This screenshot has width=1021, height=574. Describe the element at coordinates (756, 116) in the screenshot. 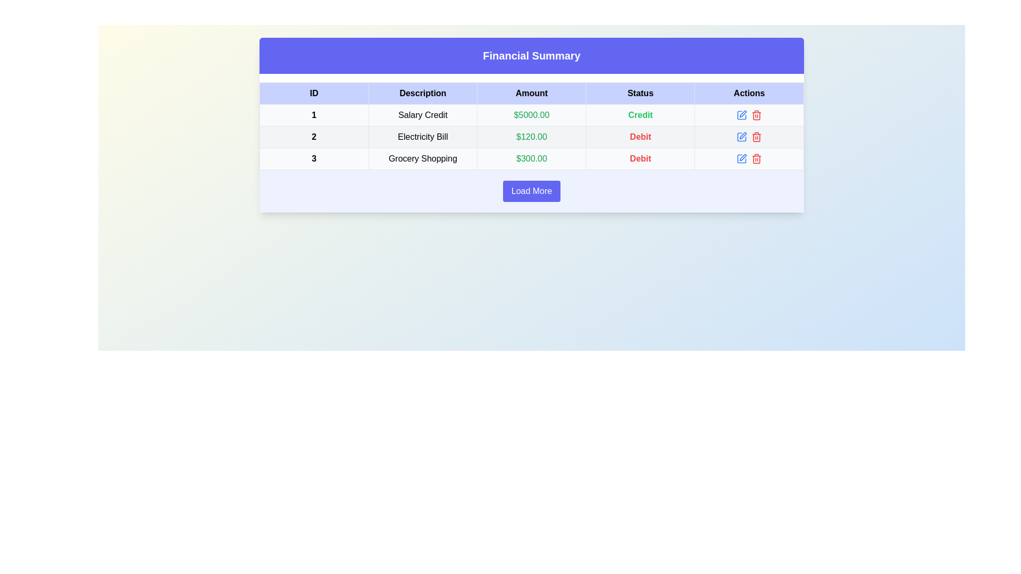

I see `the delete icon in the 'Actions' column of the table corresponding to the 'Electricity Bill' row` at that location.